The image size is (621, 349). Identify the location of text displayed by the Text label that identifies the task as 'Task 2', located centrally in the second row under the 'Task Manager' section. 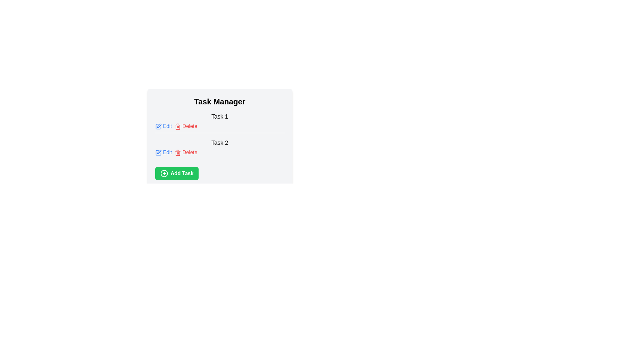
(220, 143).